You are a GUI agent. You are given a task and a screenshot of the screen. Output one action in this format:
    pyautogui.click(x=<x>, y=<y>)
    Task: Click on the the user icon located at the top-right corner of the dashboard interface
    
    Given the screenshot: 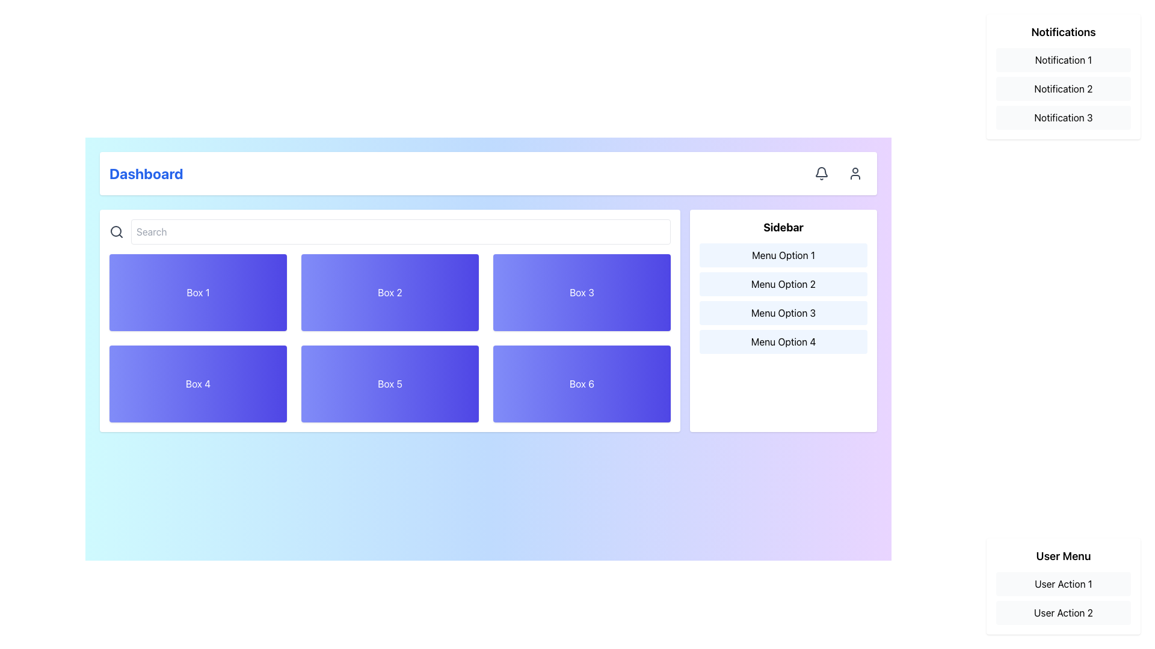 What is the action you would take?
    pyautogui.click(x=854, y=174)
    